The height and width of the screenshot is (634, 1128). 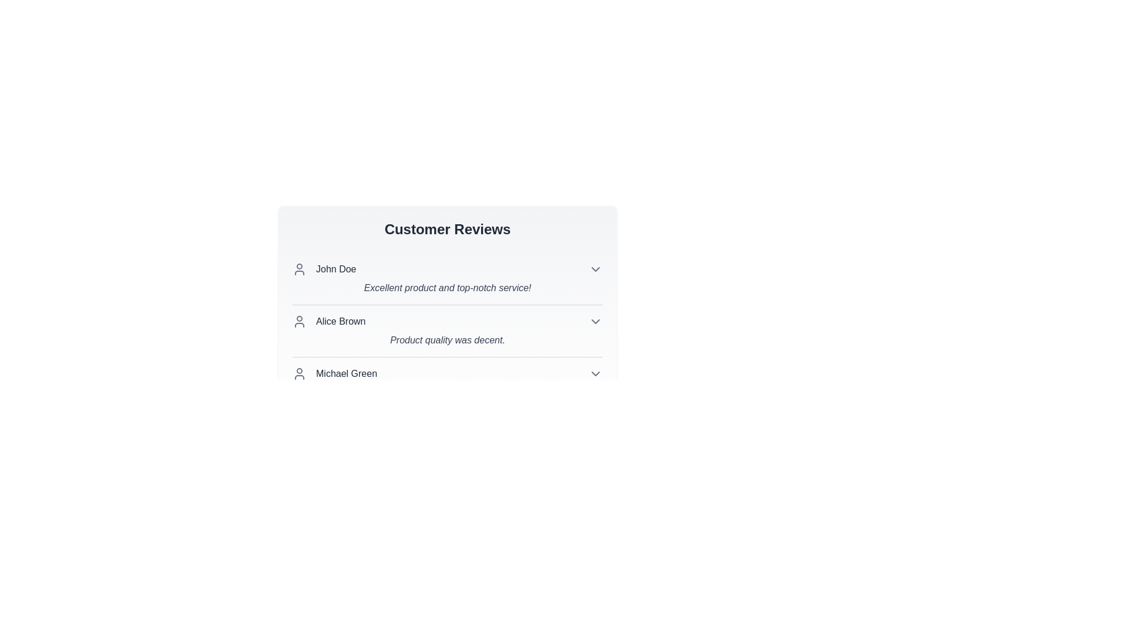 I want to click on the user icon for Alice Brown to reveal additional actions, so click(x=299, y=321).